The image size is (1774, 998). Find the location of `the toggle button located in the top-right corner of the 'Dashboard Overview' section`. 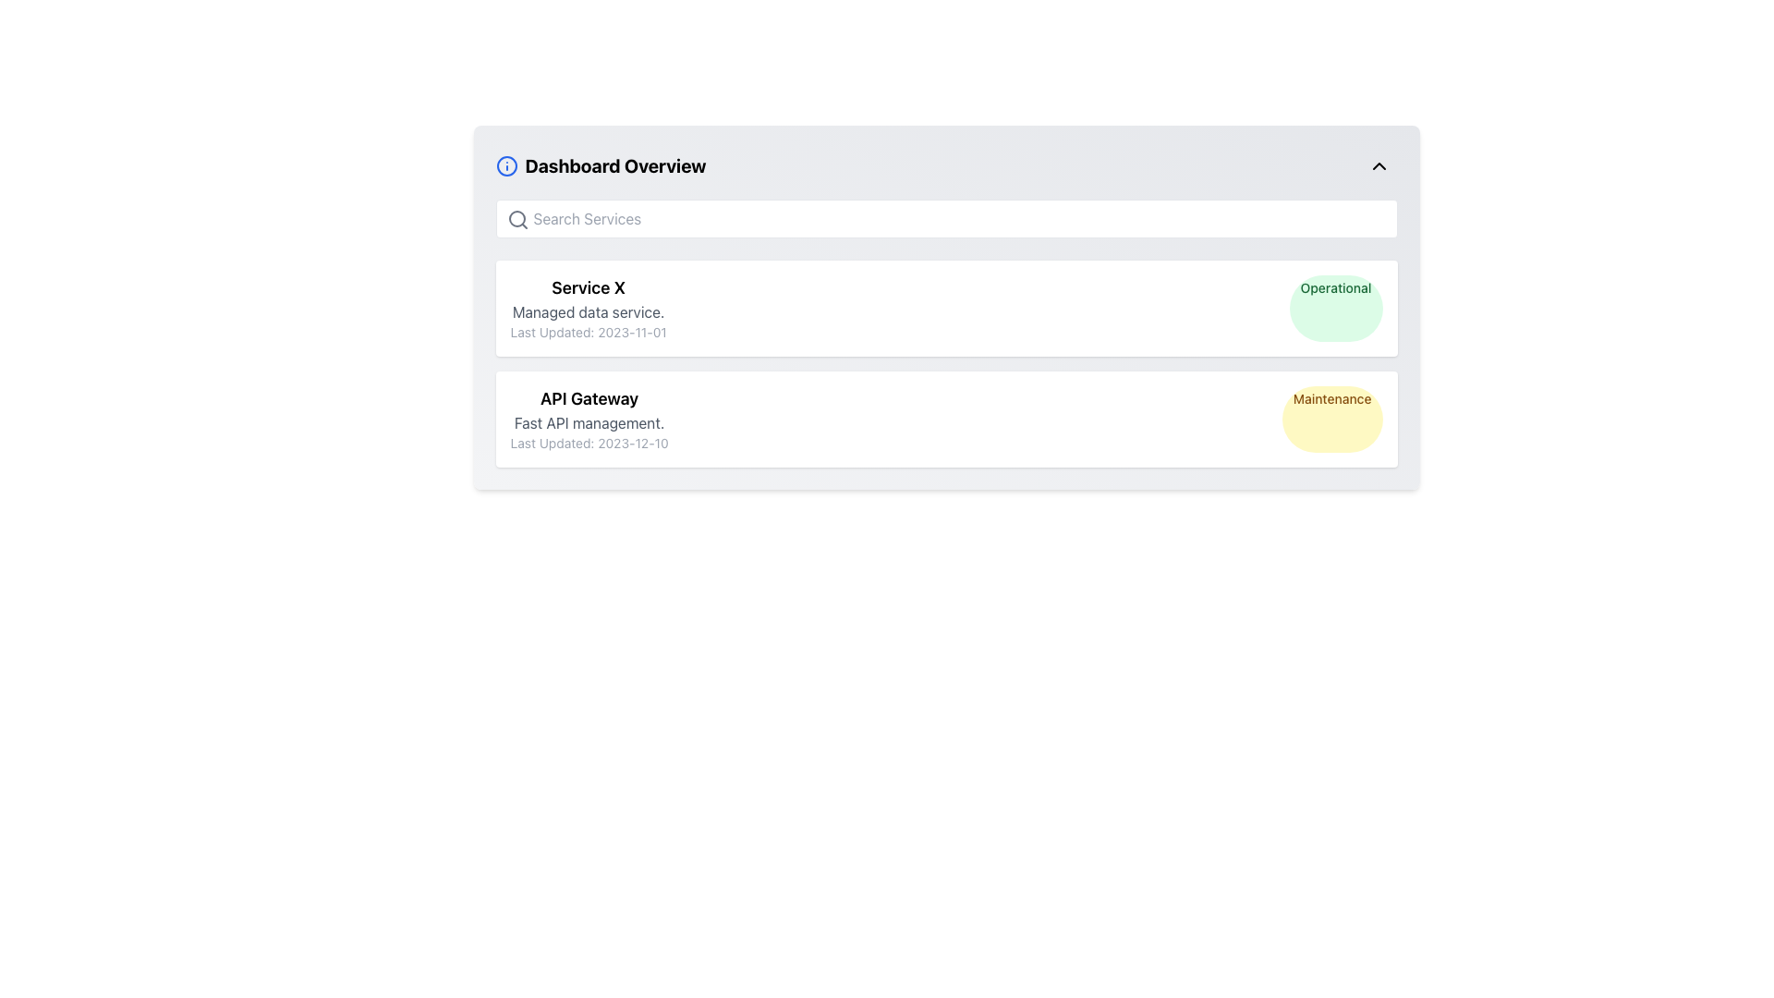

the toggle button located in the top-right corner of the 'Dashboard Overview' section is located at coordinates (1379, 166).